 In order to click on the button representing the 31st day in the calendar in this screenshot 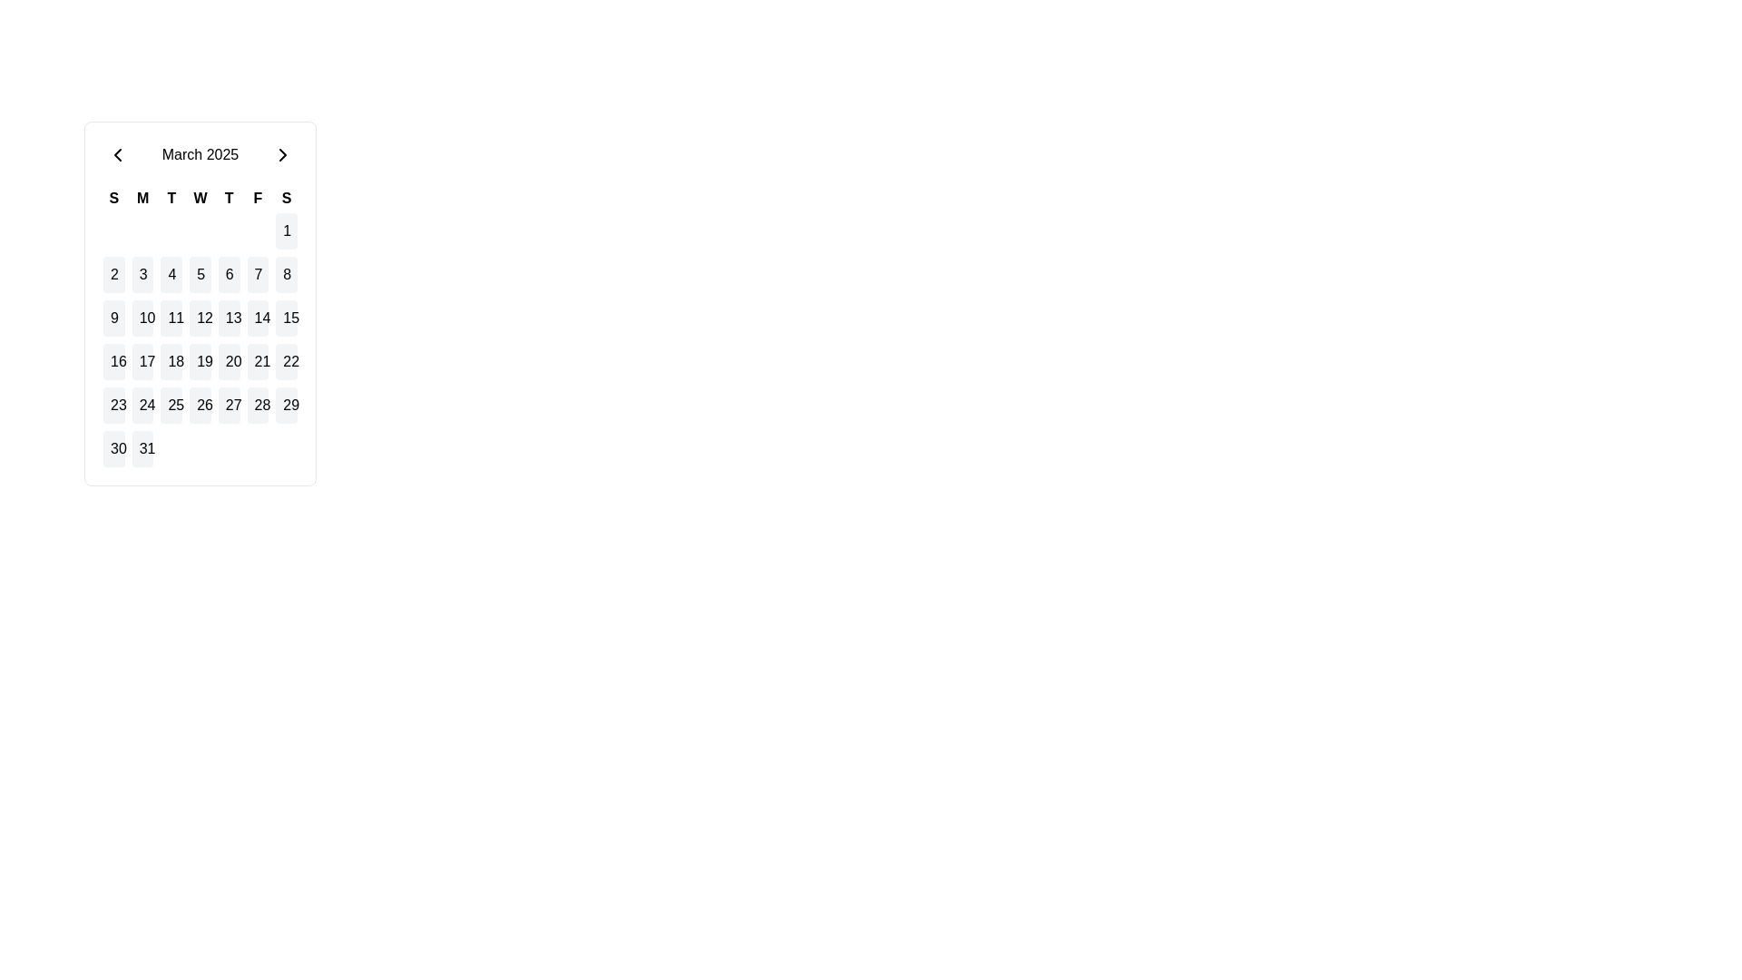, I will do `click(142, 448)`.